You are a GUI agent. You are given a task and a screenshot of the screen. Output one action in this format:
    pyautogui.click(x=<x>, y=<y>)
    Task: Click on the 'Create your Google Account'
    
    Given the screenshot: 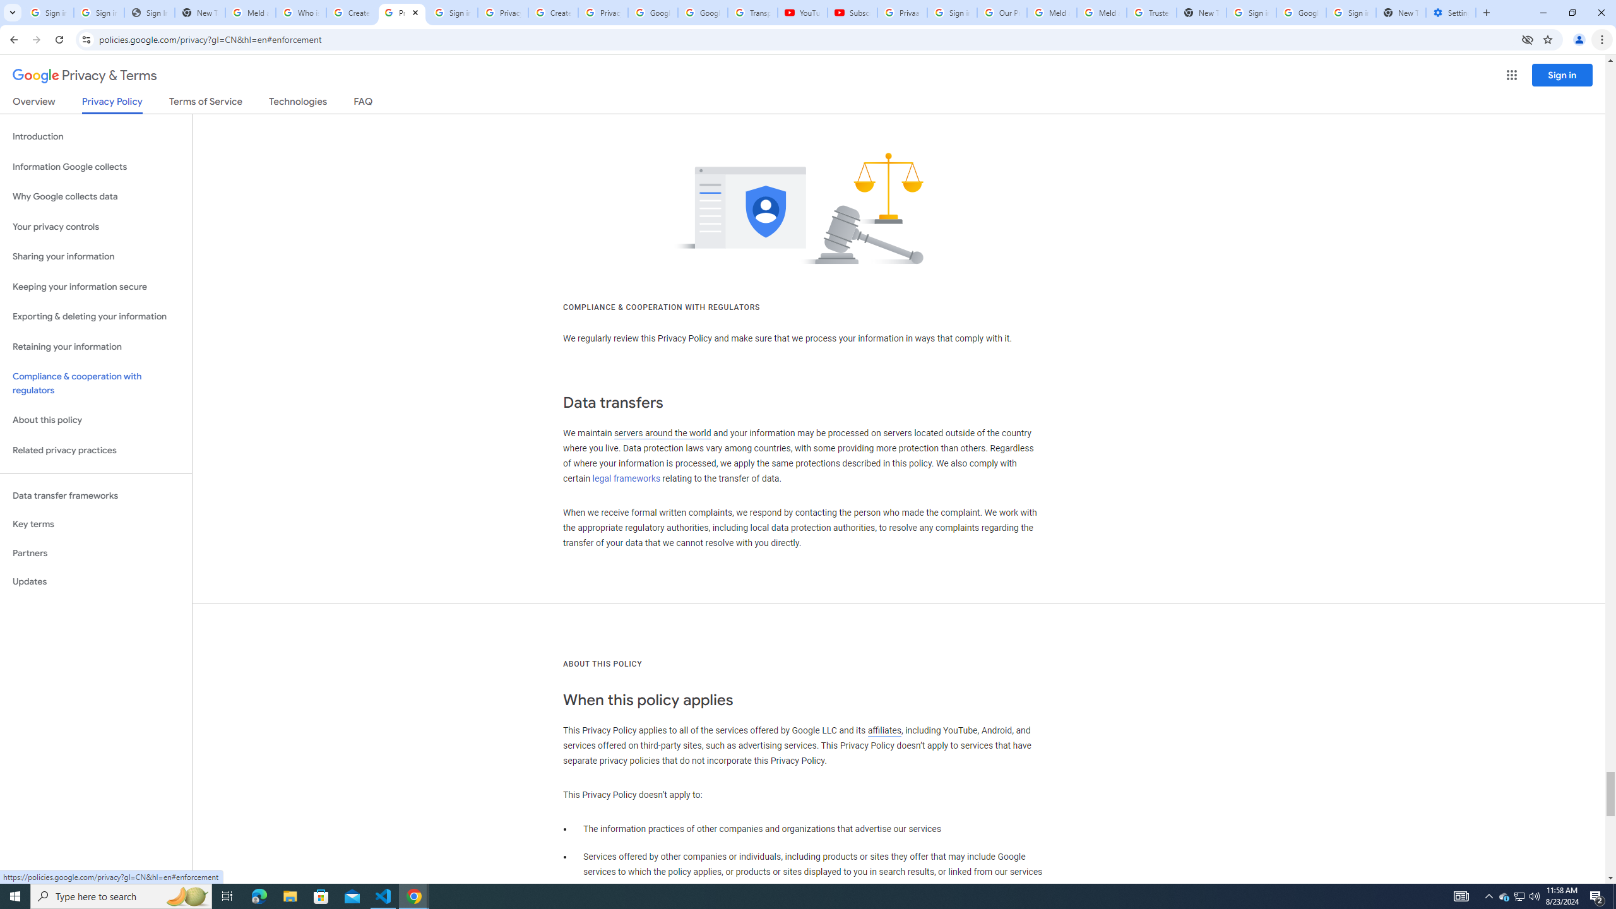 What is the action you would take?
    pyautogui.click(x=350, y=12)
    